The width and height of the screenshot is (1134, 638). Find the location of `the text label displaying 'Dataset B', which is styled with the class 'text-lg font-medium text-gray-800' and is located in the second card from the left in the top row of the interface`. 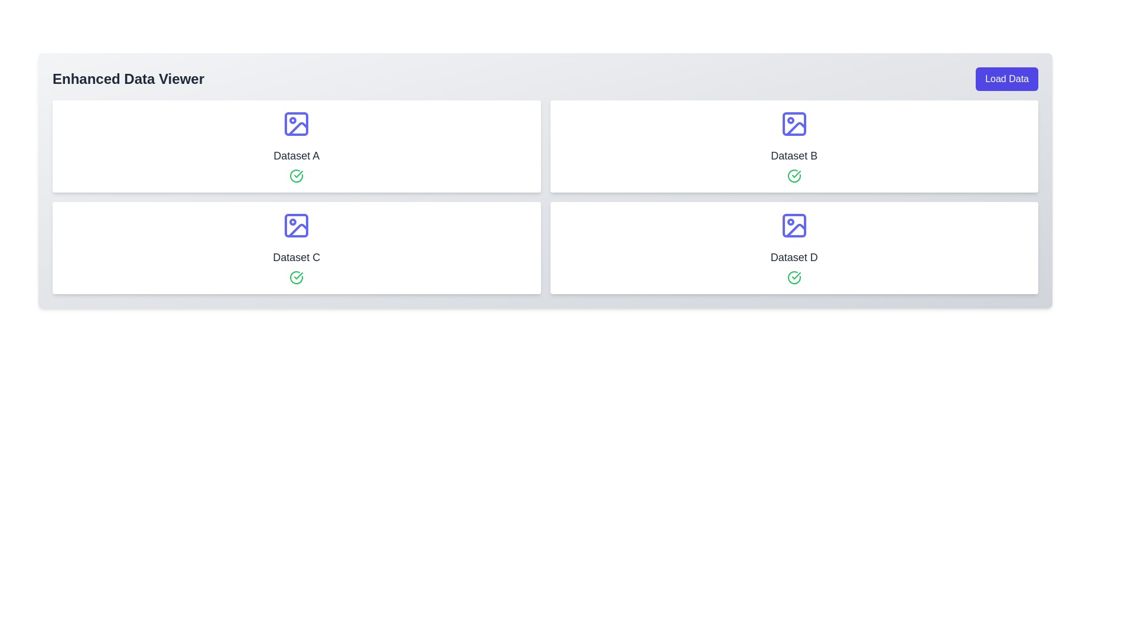

the text label displaying 'Dataset B', which is styled with the class 'text-lg font-medium text-gray-800' and is located in the second card from the left in the top row of the interface is located at coordinates (794, 155).